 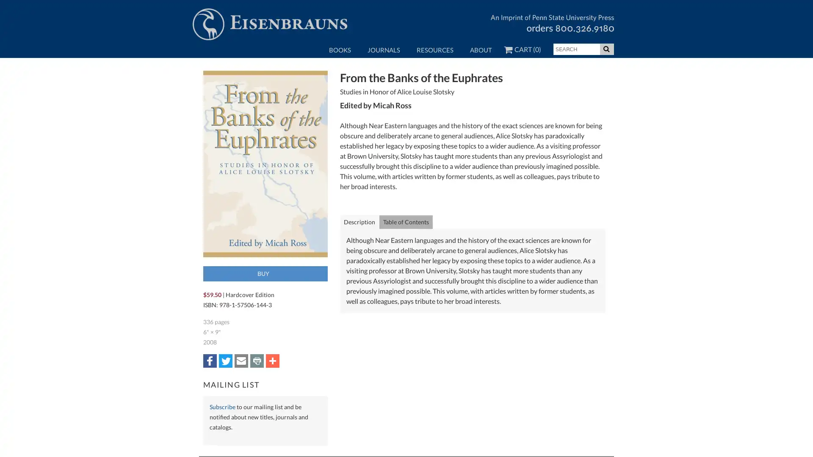 I want to click on Share to Print, so click(x=256, y=361).